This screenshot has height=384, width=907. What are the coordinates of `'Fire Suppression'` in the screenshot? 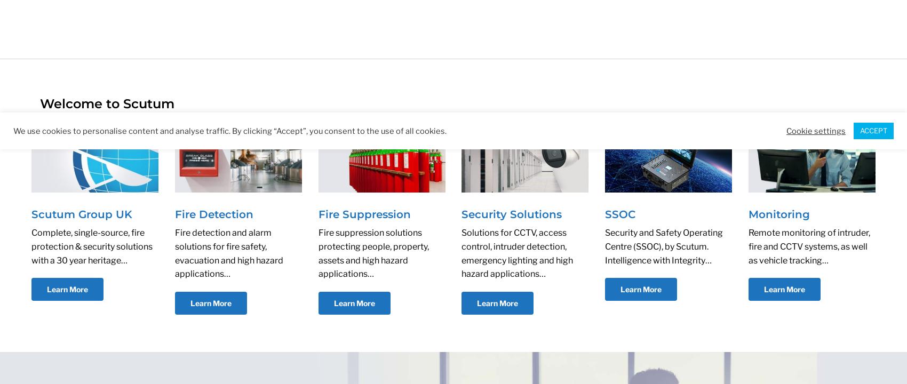 It's located at (364, 214).